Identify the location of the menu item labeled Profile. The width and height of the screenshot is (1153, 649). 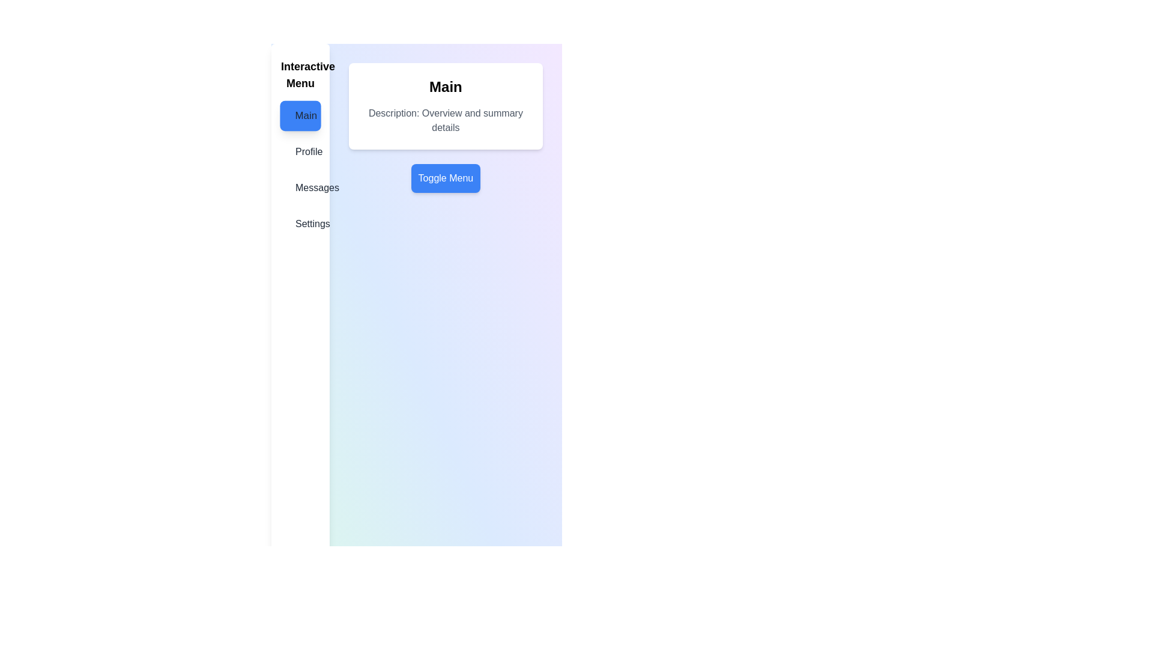
(300, 151).